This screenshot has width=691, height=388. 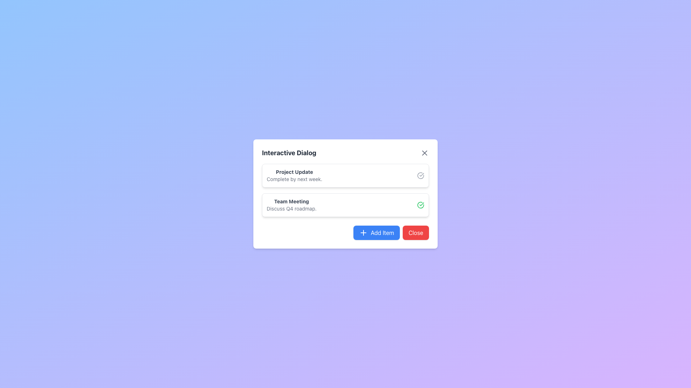 I want to click on the status icon indicating a completed or verified state for the associated project update, located at the far right of the 'Project Update' card, so click(x=421, y=176).